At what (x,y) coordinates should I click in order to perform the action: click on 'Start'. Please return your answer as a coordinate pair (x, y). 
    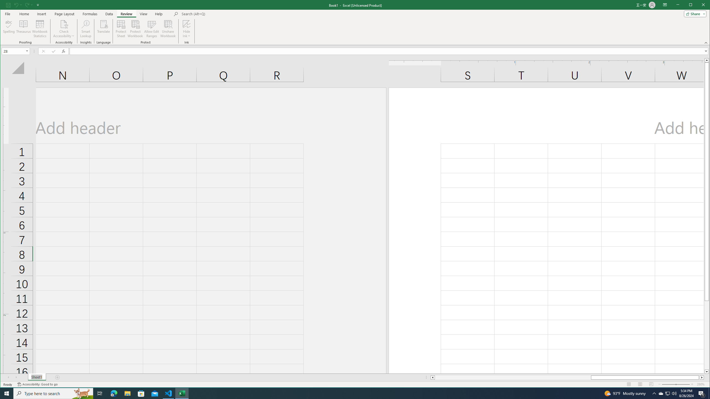
    Looking at the image, I should click on (7, 393).